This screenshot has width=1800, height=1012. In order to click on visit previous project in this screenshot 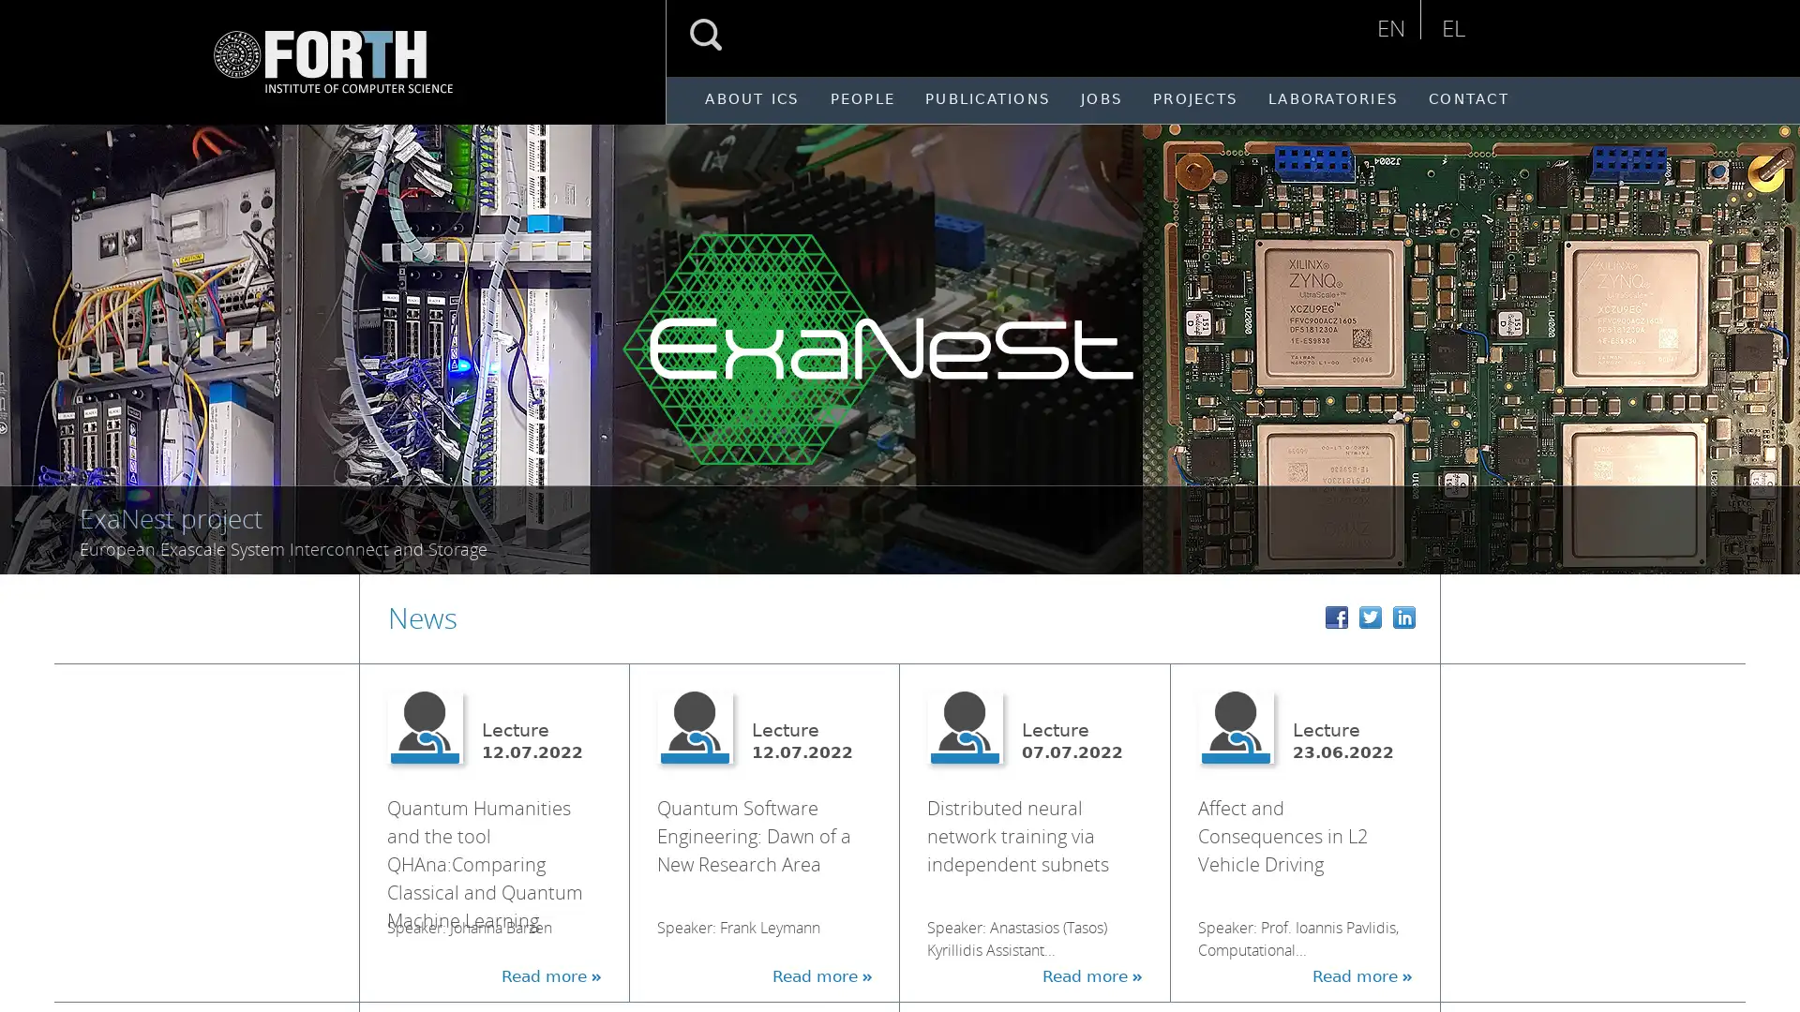, I will do `click(36, 338)`.